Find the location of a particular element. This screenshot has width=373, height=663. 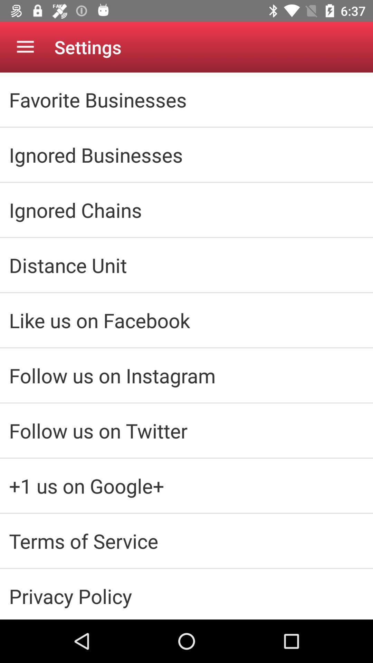

distance unit item is located at coordinates (186, 265).